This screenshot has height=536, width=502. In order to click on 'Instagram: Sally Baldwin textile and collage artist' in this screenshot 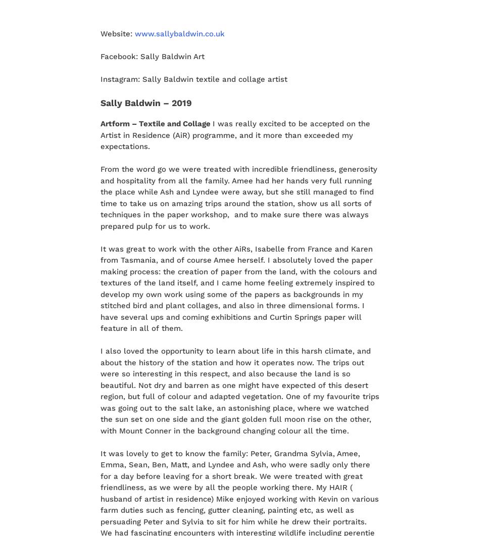, I will do `click(99, 78)`.